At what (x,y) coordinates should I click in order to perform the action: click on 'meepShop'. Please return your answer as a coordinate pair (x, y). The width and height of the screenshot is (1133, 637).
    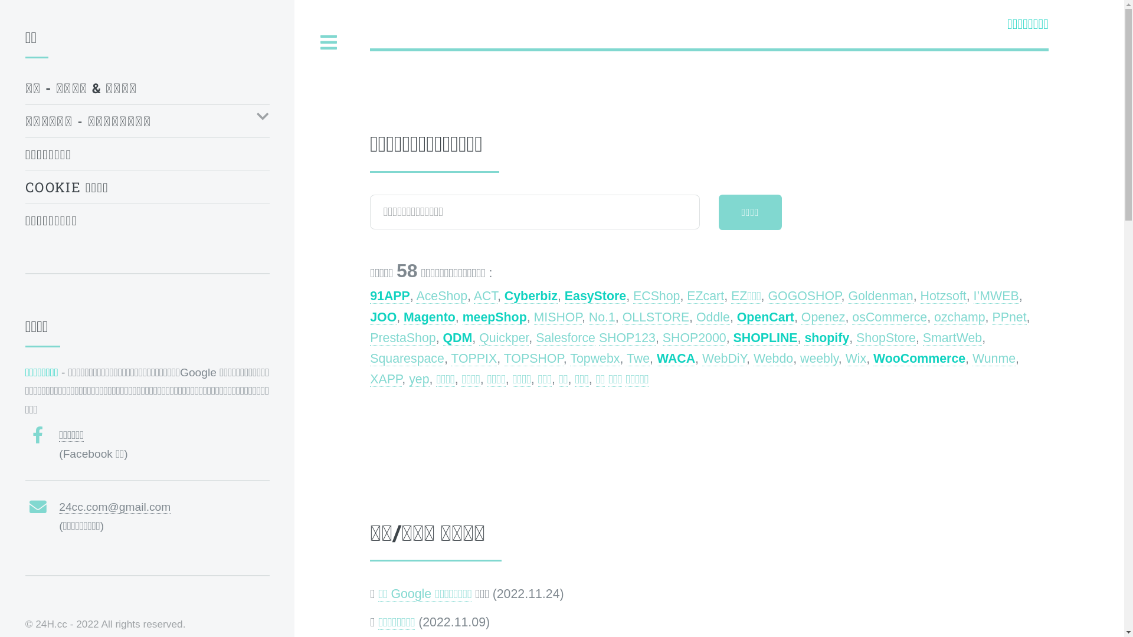
    Looking at the image, I should click on (495, 317).